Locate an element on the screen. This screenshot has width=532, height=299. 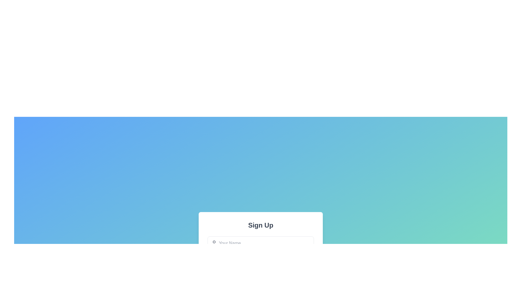
the small, circular user profile silhouette icon, which is light gray and located to the left of the 'Your Name' text input field is located at coordinates (214, 243).